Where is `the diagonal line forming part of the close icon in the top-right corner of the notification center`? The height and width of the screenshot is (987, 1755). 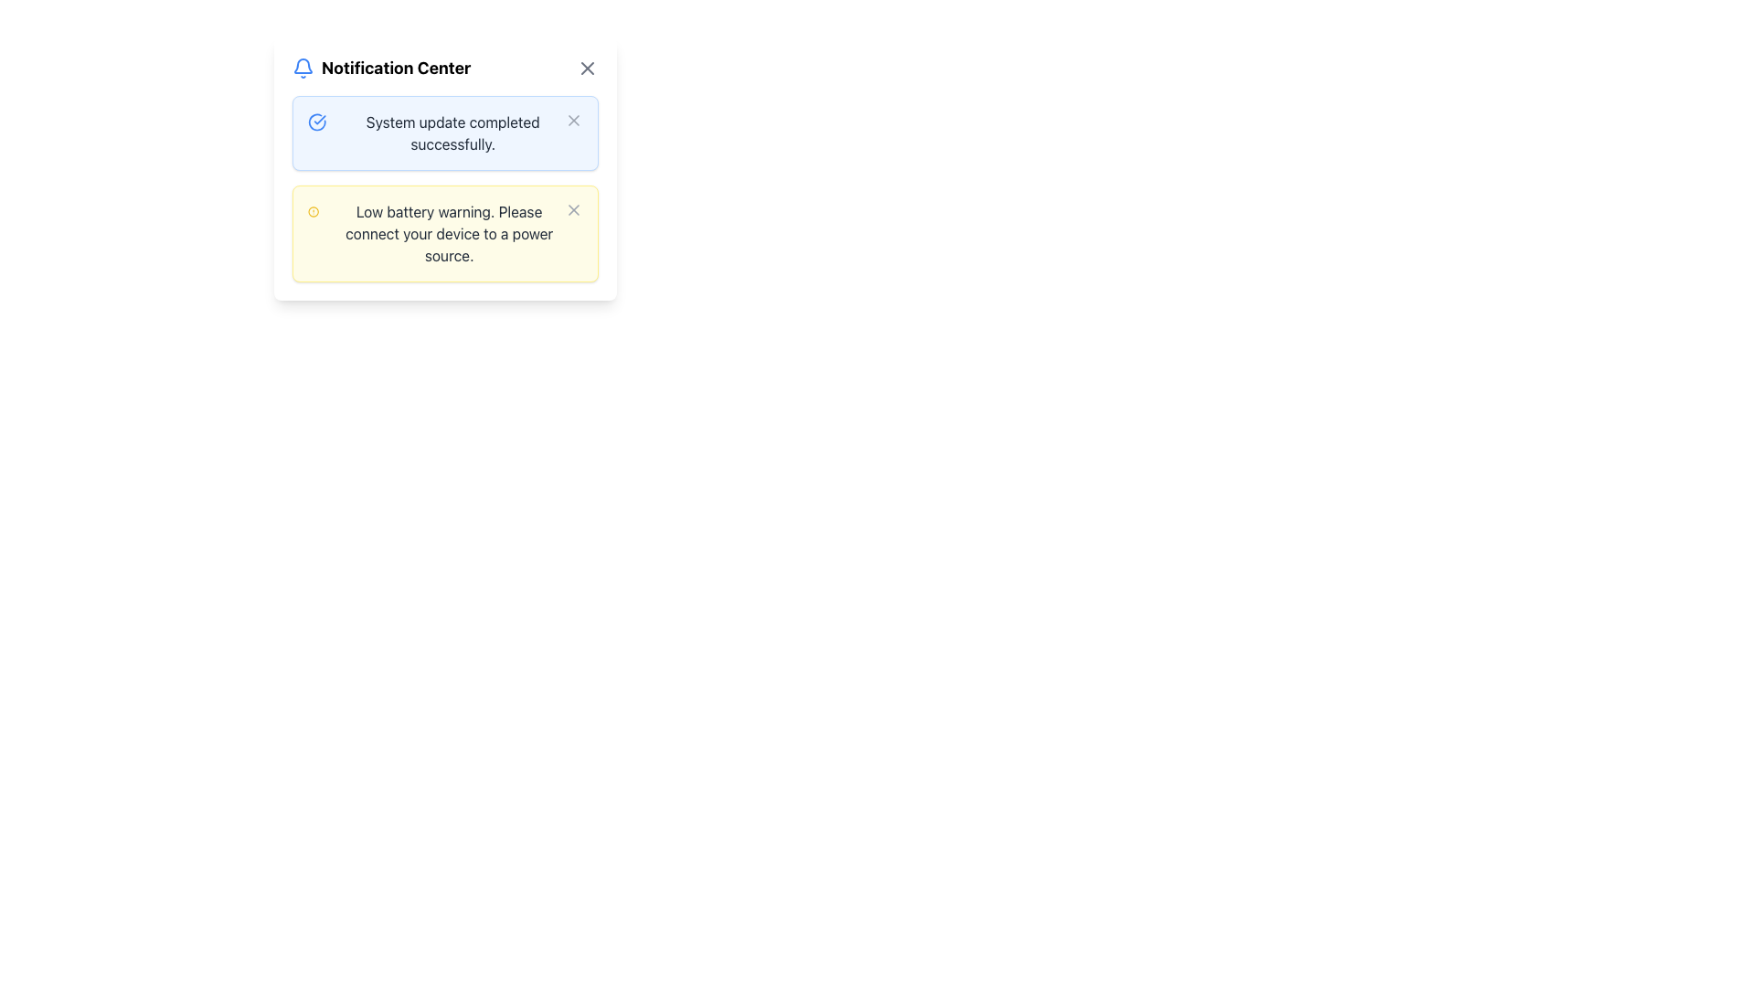 the diagonal line forming part of the close icon in the top-right corner of the notification center is located at coordinates (588, 67).